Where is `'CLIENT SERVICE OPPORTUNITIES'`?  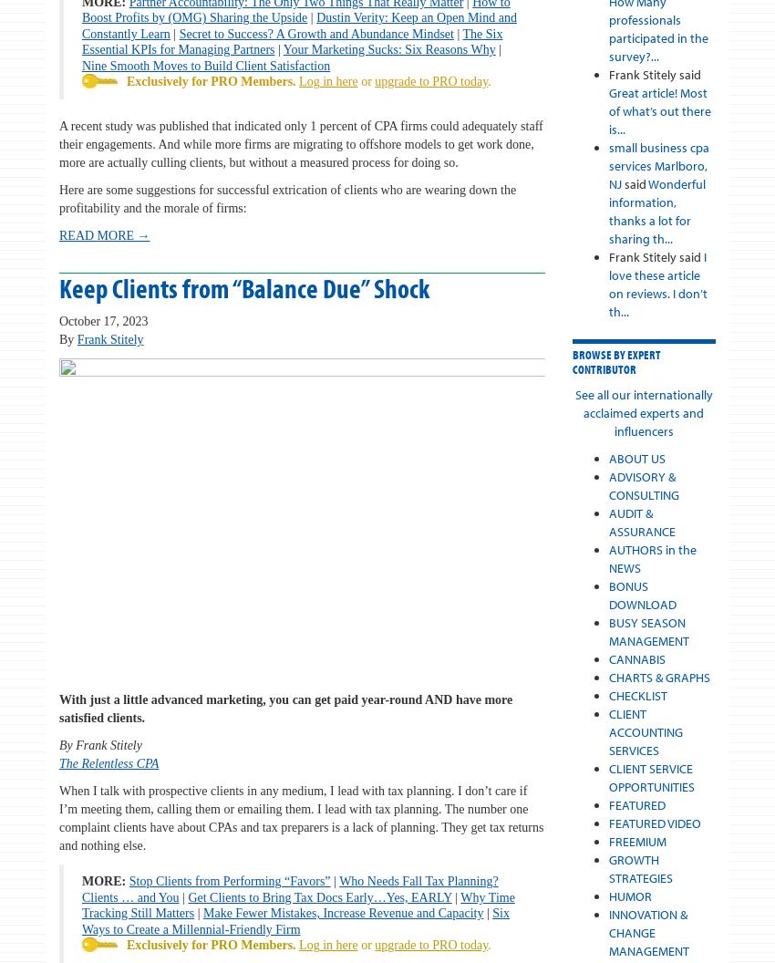
'CLIENT SERVICE OPPORTUNITIES' is located at coordinates (650, 778).